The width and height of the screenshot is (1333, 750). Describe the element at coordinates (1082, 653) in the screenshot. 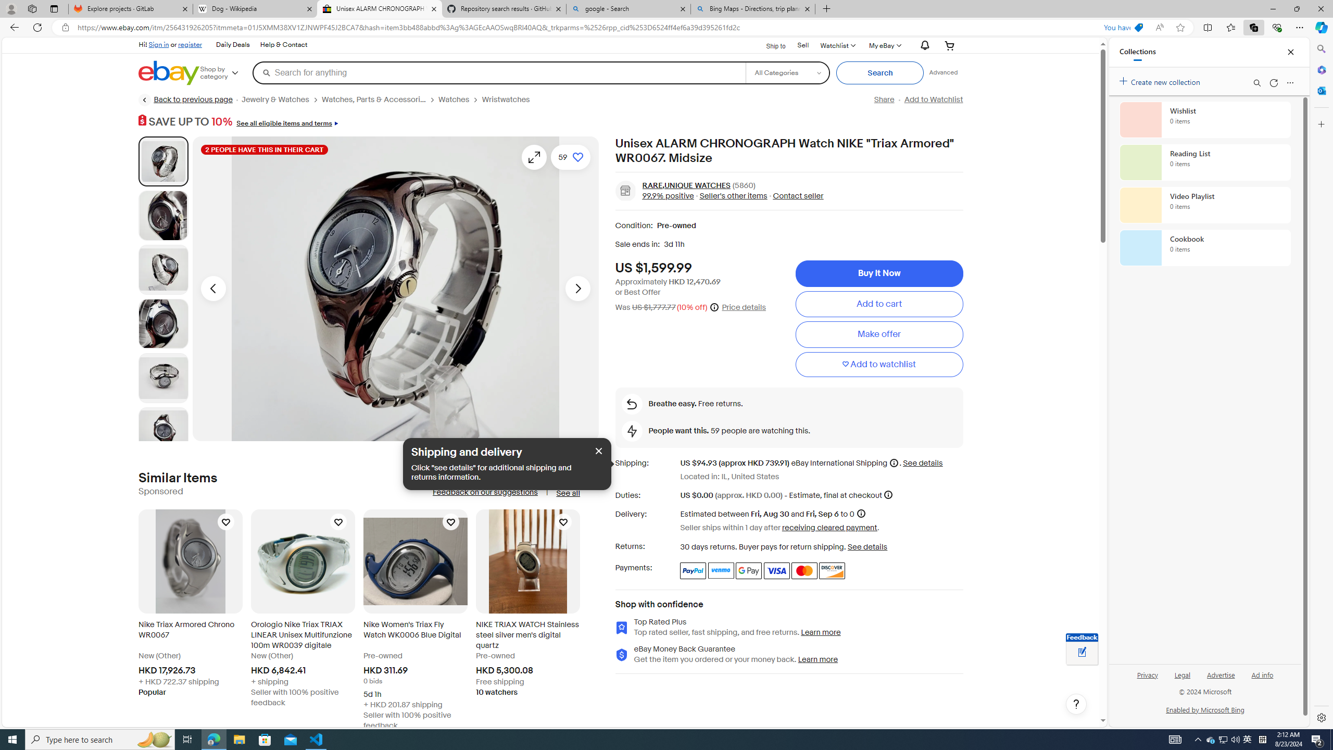

I see `'Leave feedback about your eBay ViewItem experience'` at that location.